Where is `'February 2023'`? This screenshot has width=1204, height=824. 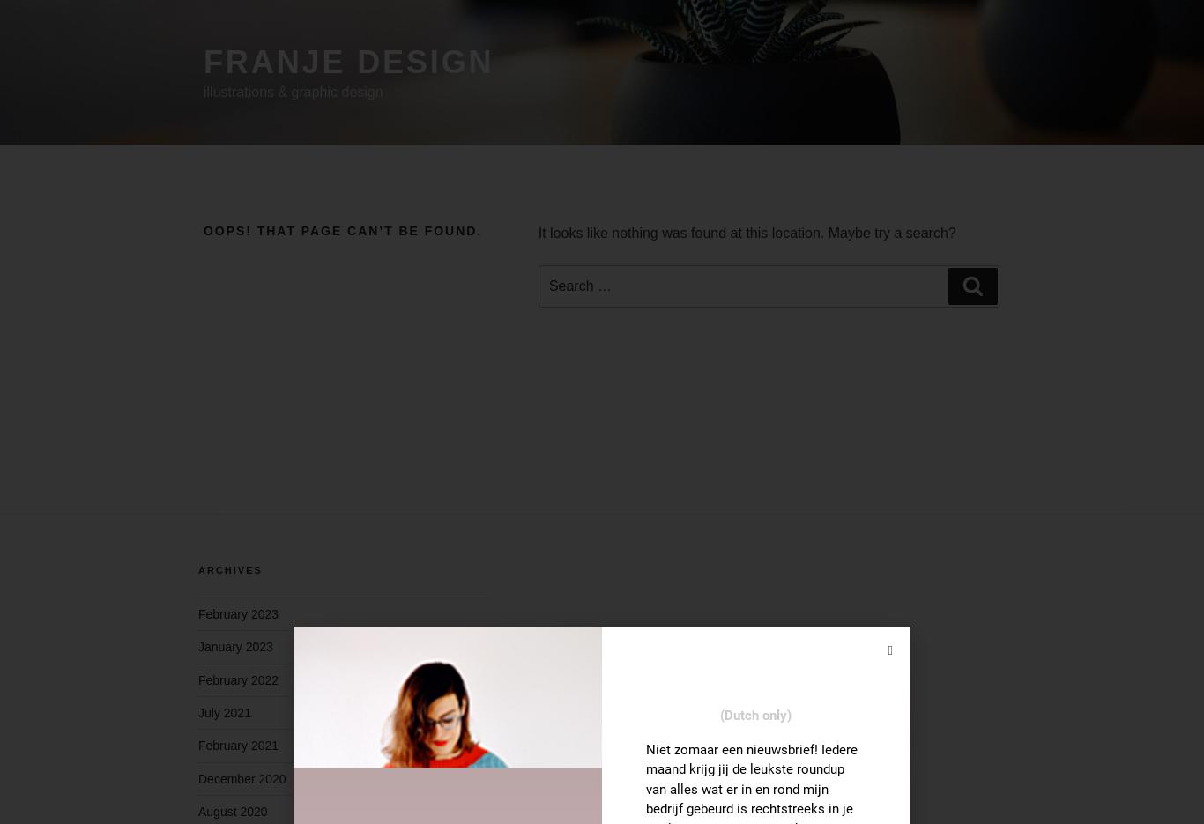
'February 2023' is located at coordinates (238, 612).